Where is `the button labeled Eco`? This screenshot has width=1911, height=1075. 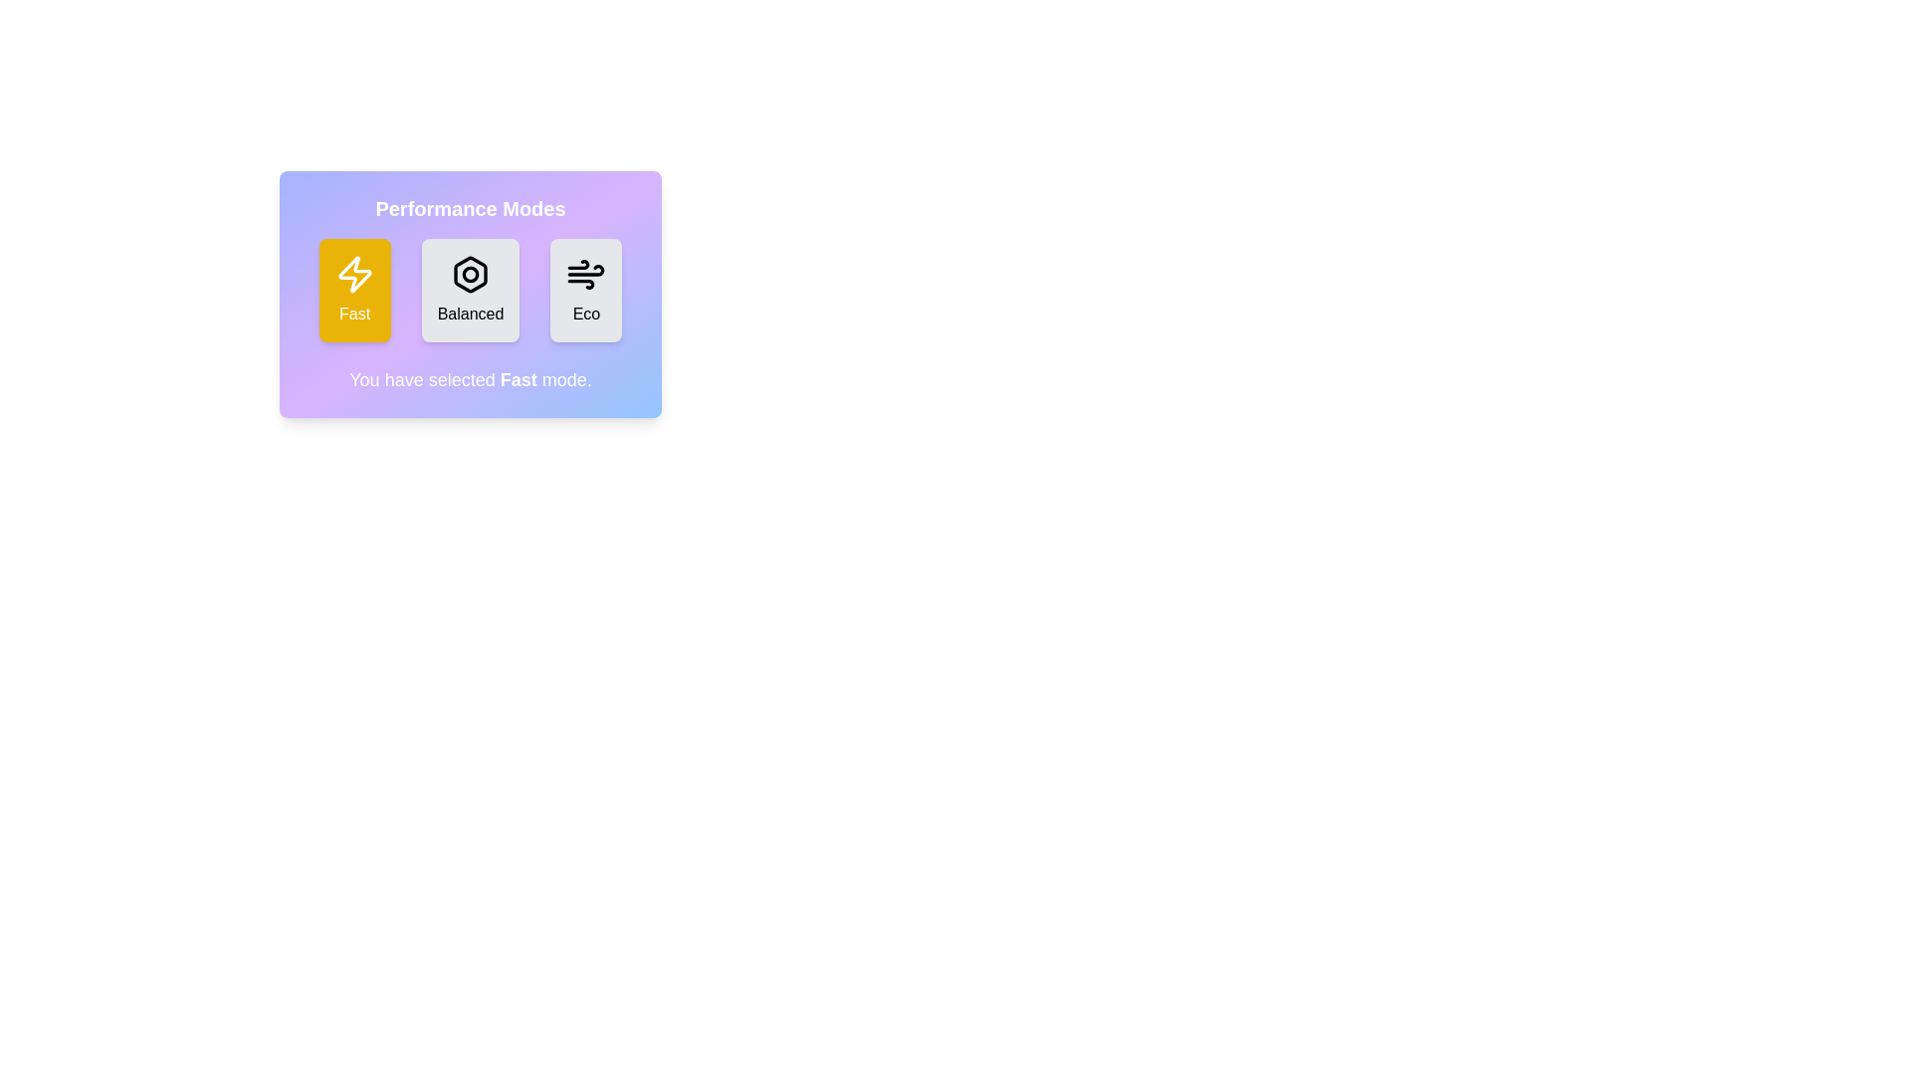 the button labeled Eco is located at coordinates (585, 291).